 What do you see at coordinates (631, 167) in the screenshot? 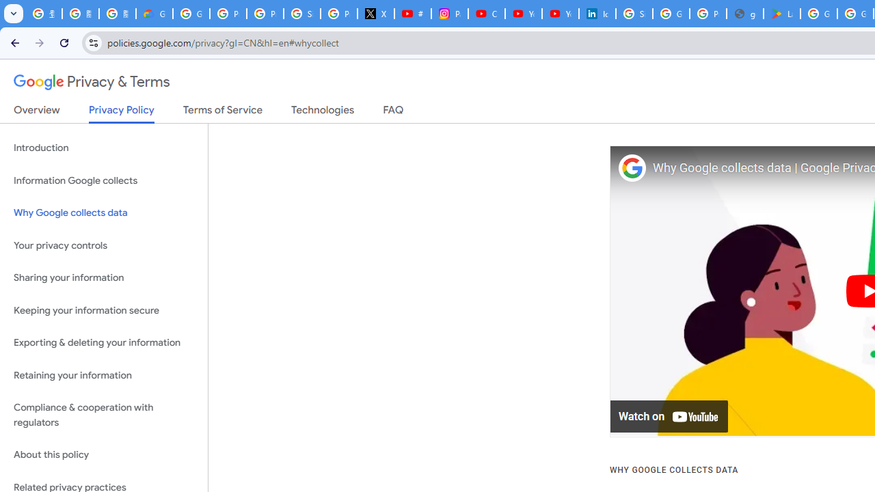
I see `'Photo image of Google'` at bounding box center [631, 167].